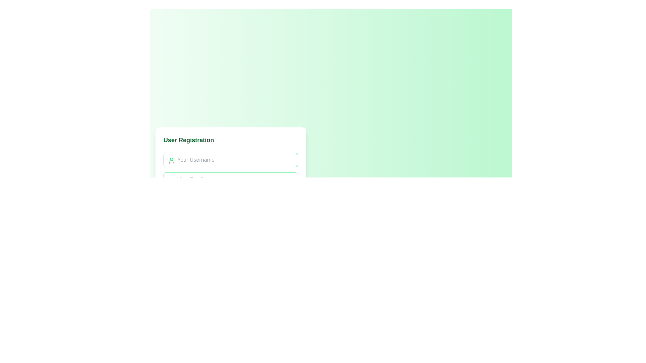 The height and width of the screenshot is (363, 646). I want to click on the SVG icon located at the top-left corner of the email input field in the registration form, which indicates the purpose of the field for entering an email address, so click(171, 180).